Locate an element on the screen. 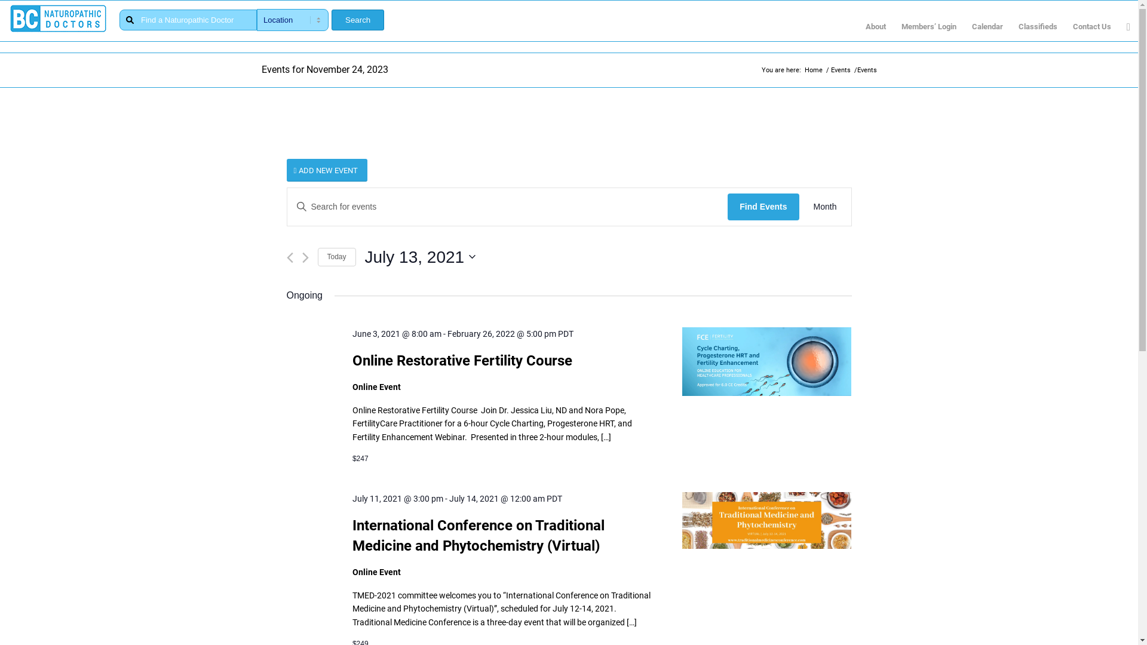  'IMG_2096 (4)' is located at coordinates (766, 361).